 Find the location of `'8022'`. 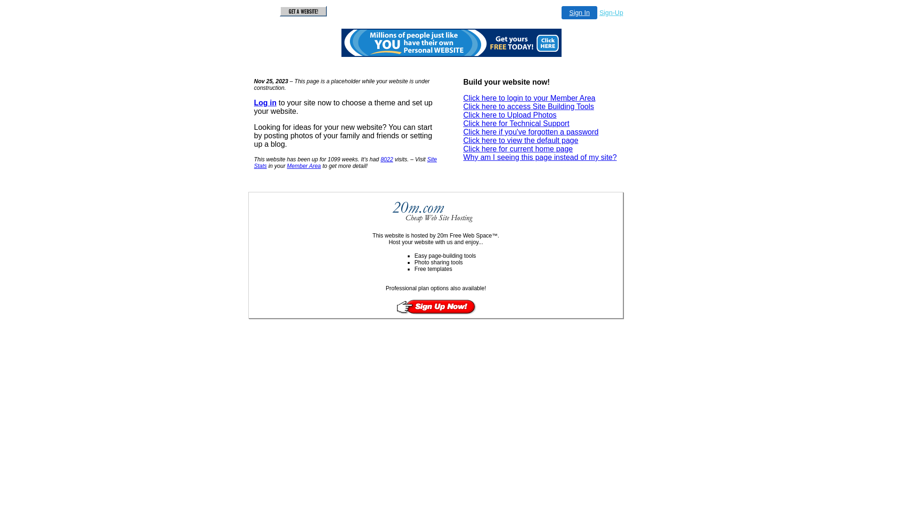

'8022' is located at coordinates (380, 159).